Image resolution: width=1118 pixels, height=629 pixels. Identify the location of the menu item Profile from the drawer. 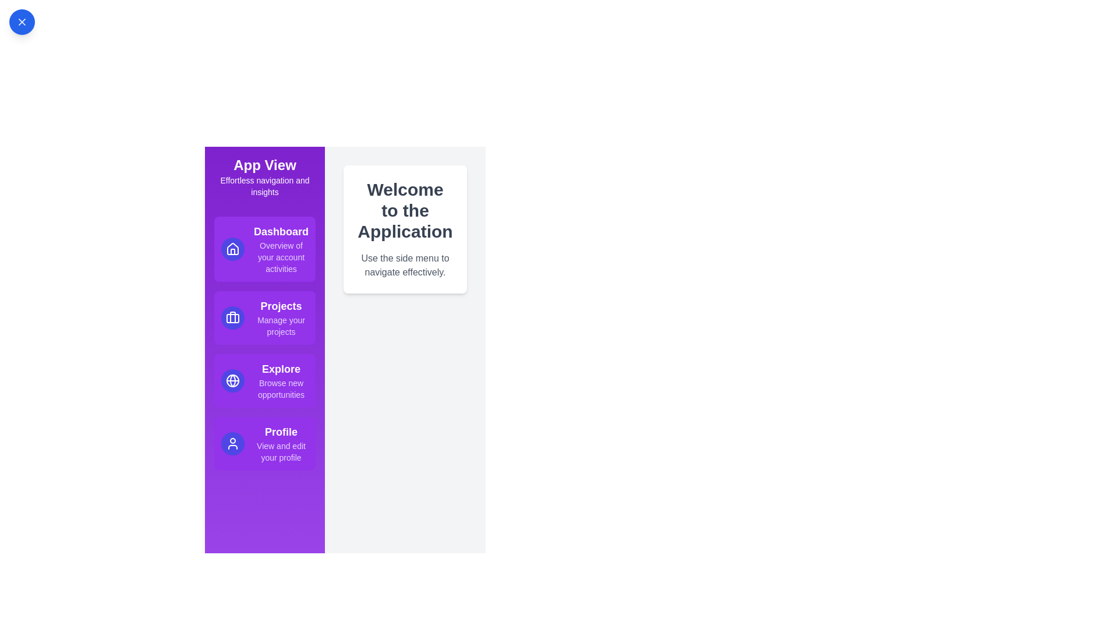
(264, 444).